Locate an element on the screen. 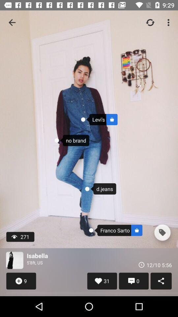 The image size is (178, 317). item above 12 10 5 icon is located at coordinates (162, 232).